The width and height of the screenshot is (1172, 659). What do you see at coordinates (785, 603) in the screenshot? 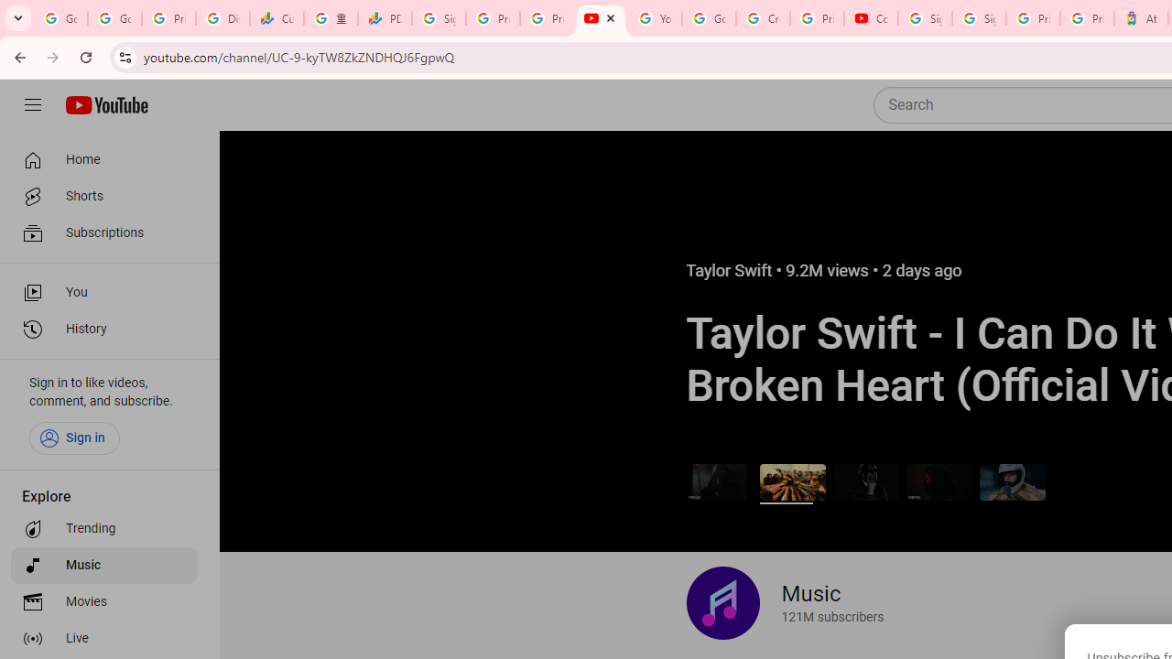
I see `'Music 121 million subscribers'` at bounding box center [785, 603].